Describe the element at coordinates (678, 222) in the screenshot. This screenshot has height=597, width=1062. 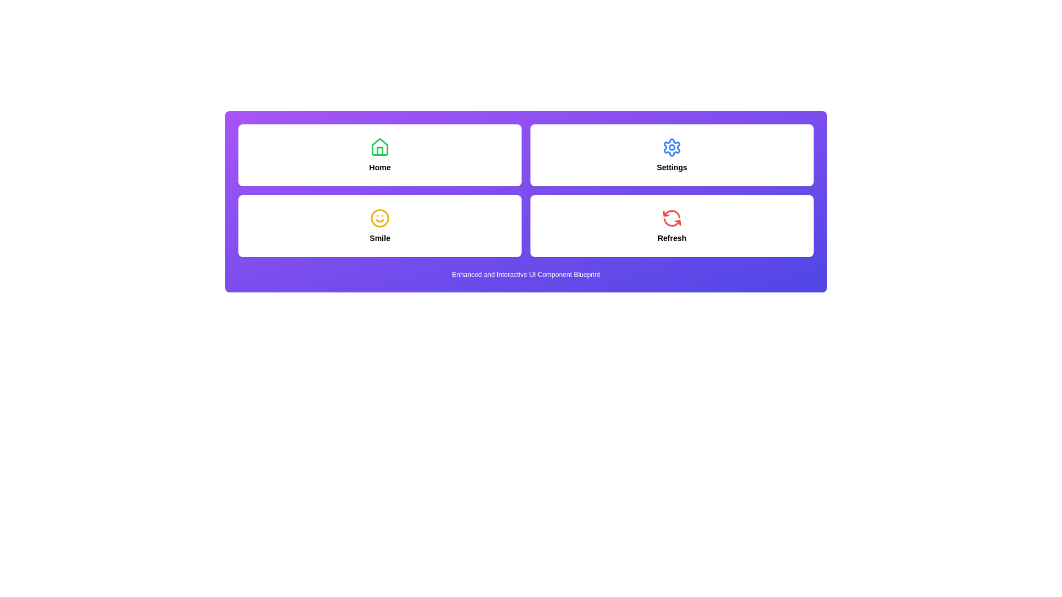
I see `the small red arrow within the spinning circular refresh icon located` at that location.